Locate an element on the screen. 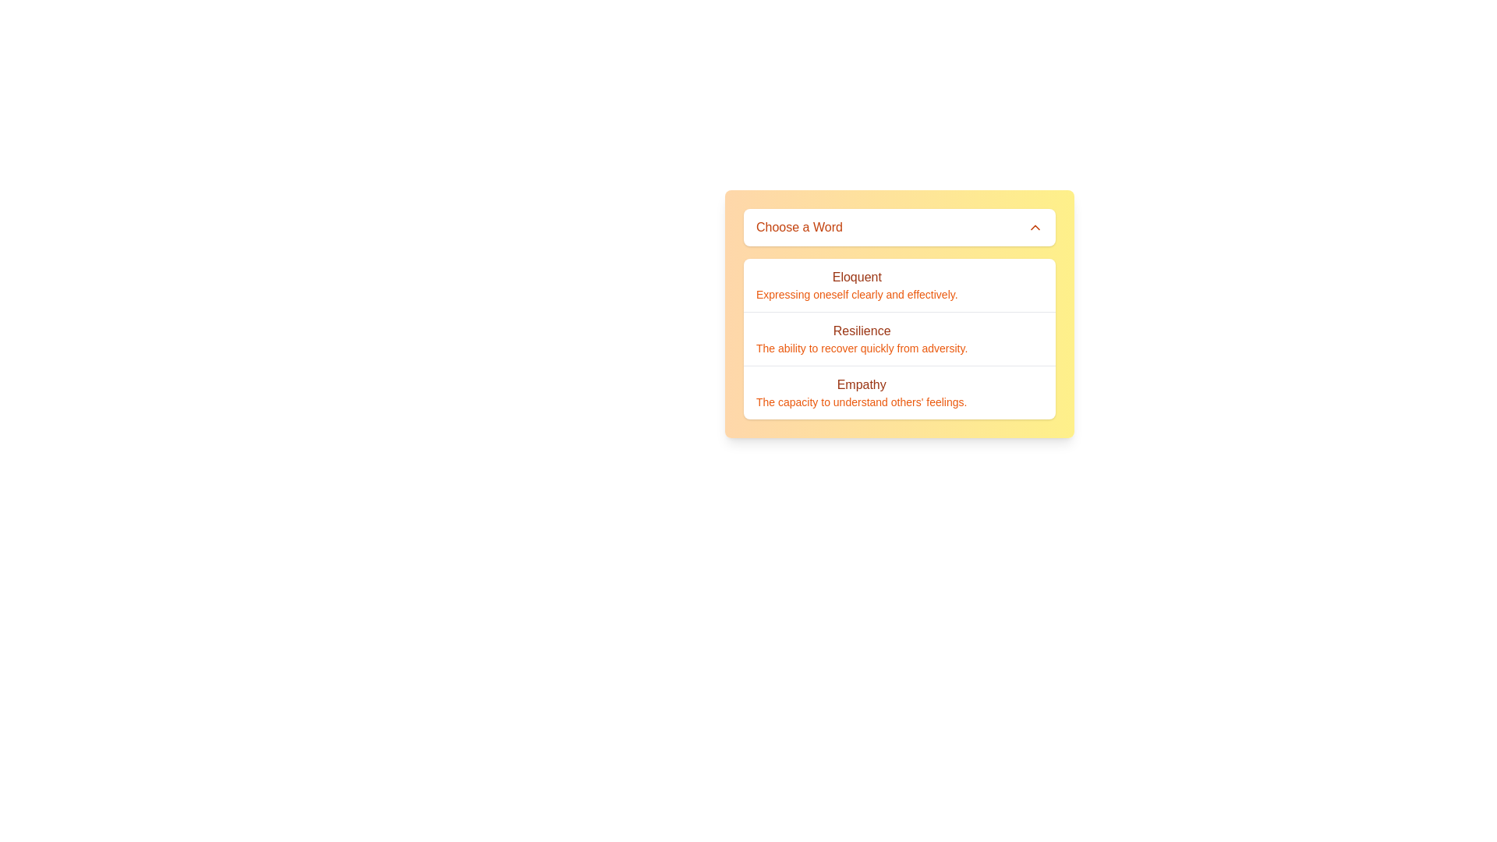 Image resolution: width=1497 pixels, height=842 pixels. the text label displaying 'Empathy' in orange, which is located in the dropdown menu below 'Choose a Word' is located at coordinates (861, 384).